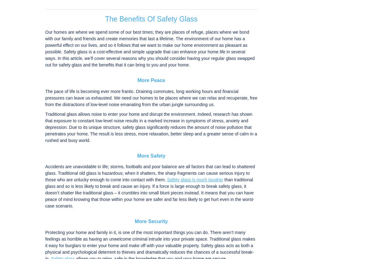 The image size is (390, 259). Describe the element at coordinates (151, 221) in the screenshot. I see `'More Security'` at that location.